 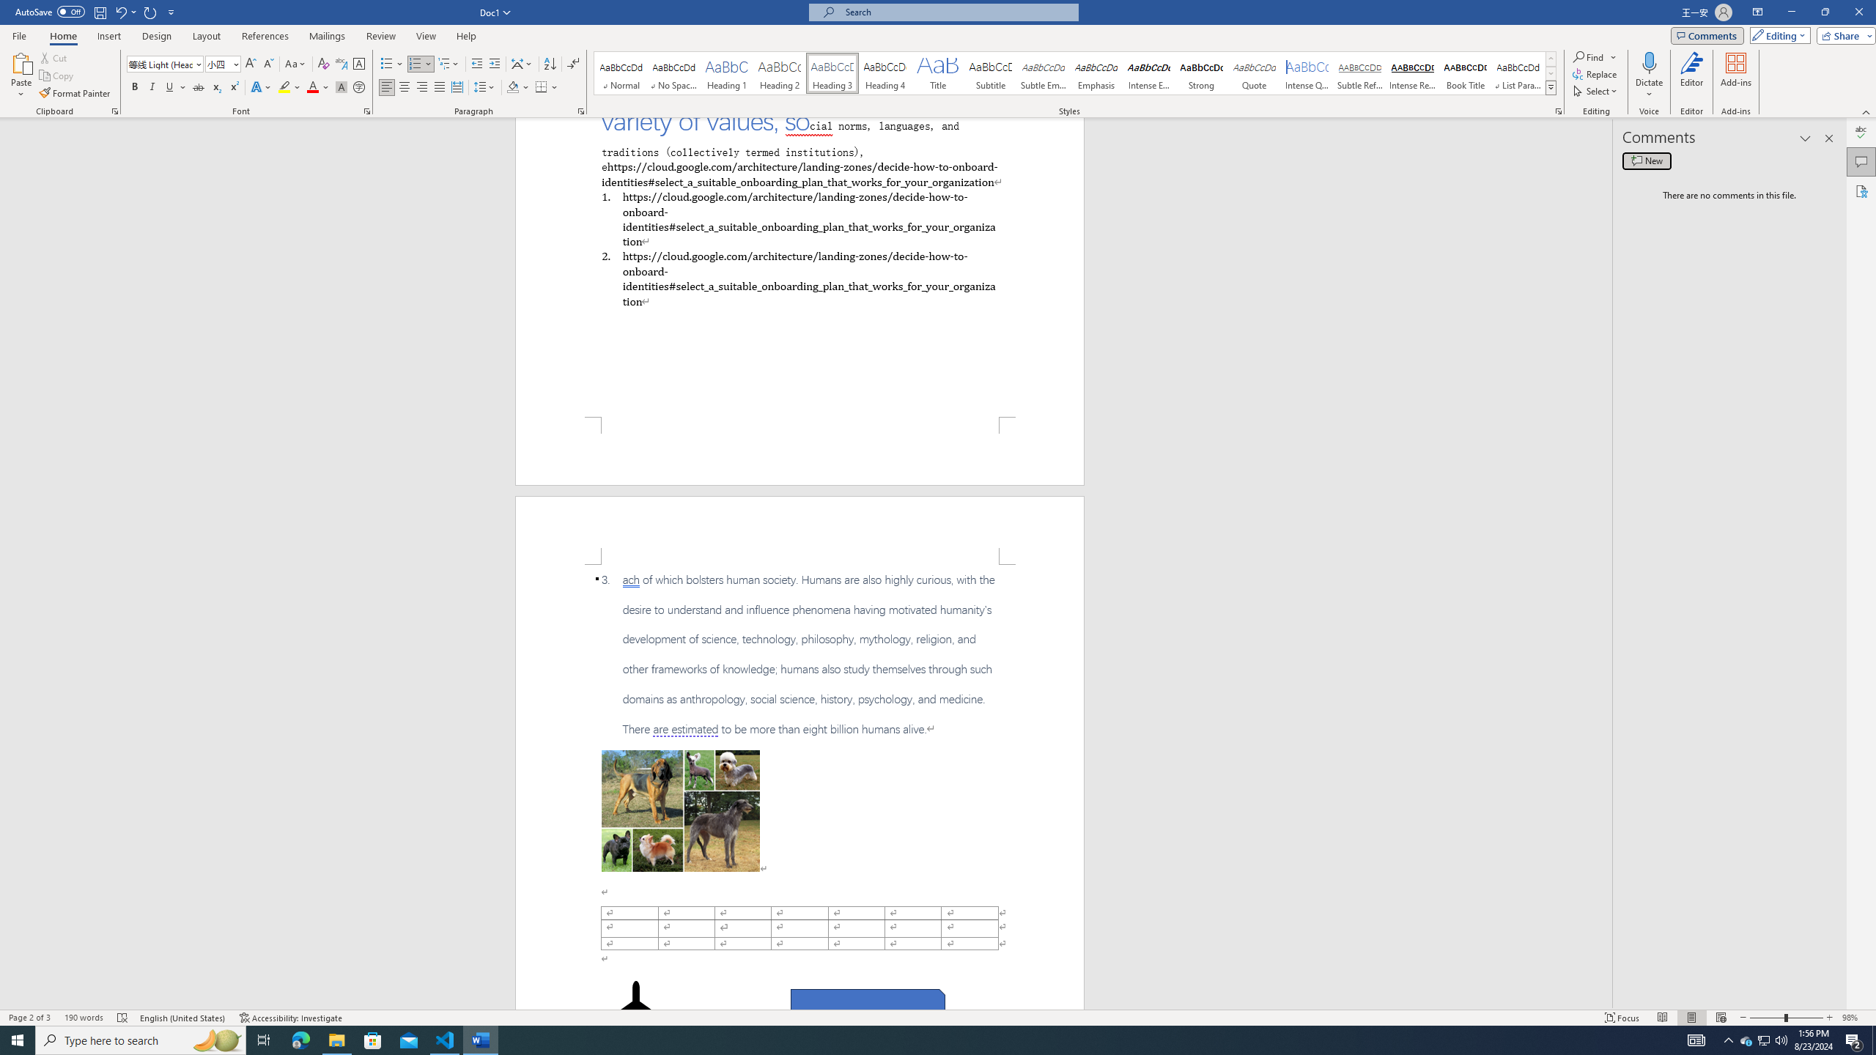 I want to click on 'Row up', so click(x=1551, y=59).